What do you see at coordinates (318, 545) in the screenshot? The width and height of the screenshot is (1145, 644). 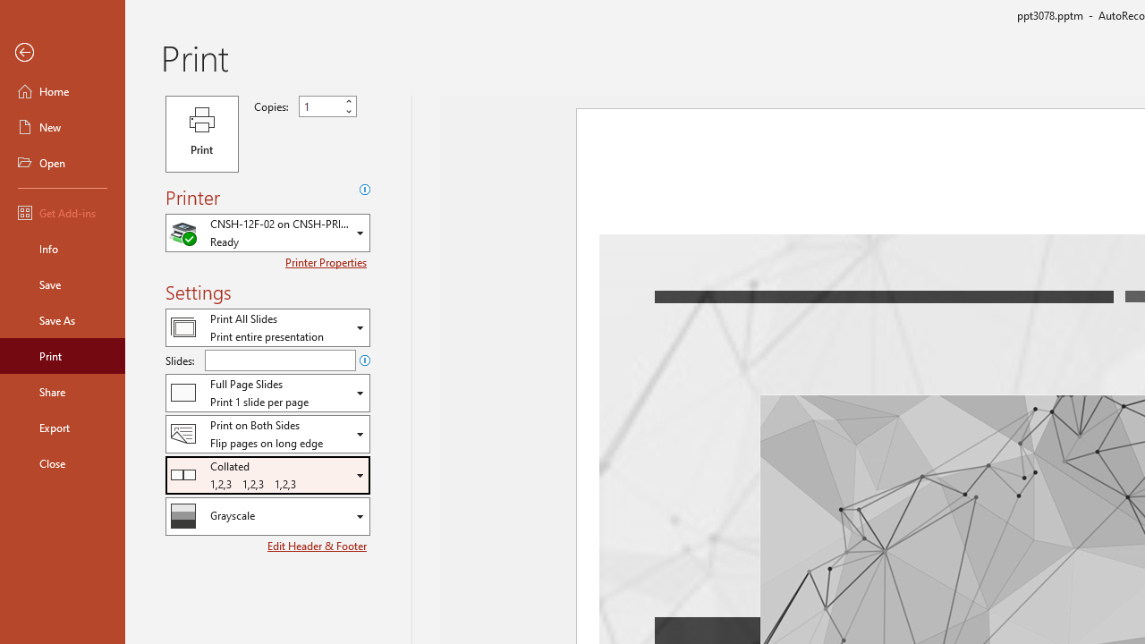 I see `'Edit Header & Footer'` at bounding box center [318, 545].